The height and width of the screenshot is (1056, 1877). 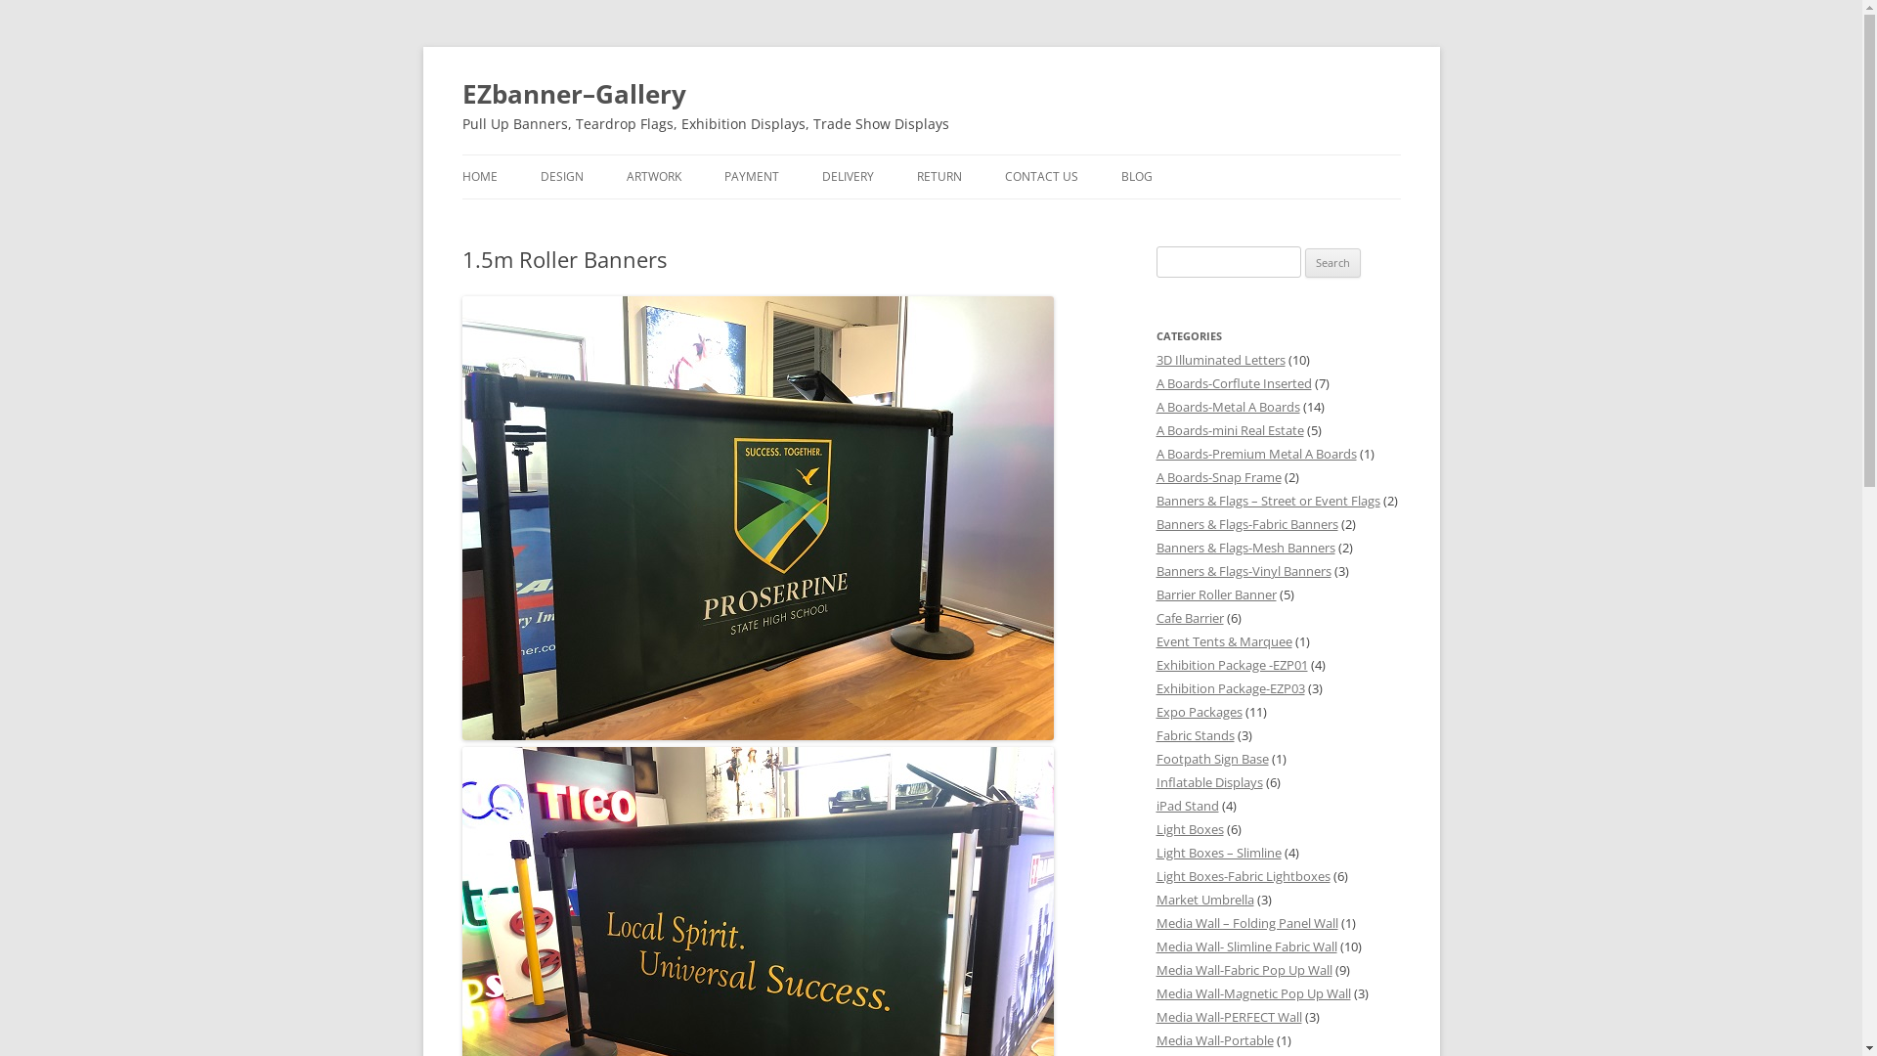 I want to click on 'A Boards-mini Real Estate', so click(x=1155, y=428).